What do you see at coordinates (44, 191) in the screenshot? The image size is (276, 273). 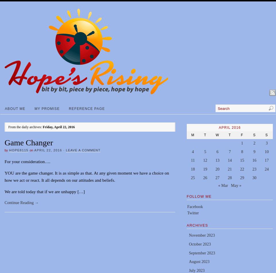 I see `'We are told today that if we are unhappy […]'` at bounding box center [44, 191].